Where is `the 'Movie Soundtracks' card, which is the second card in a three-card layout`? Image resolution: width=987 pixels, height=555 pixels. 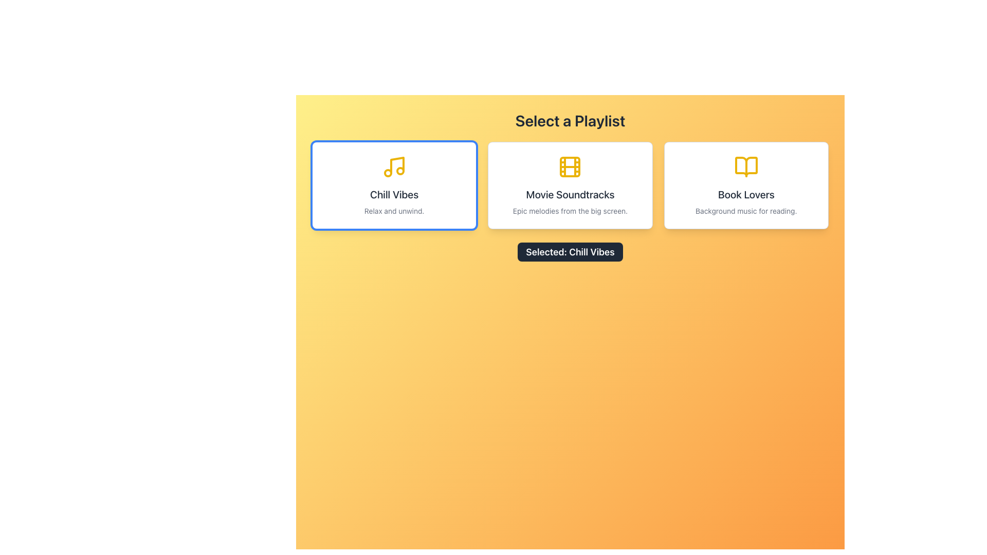
the 'Movie Soundtracks' card, which is the second card in a three-card layout is located at coordinates (569, 186).